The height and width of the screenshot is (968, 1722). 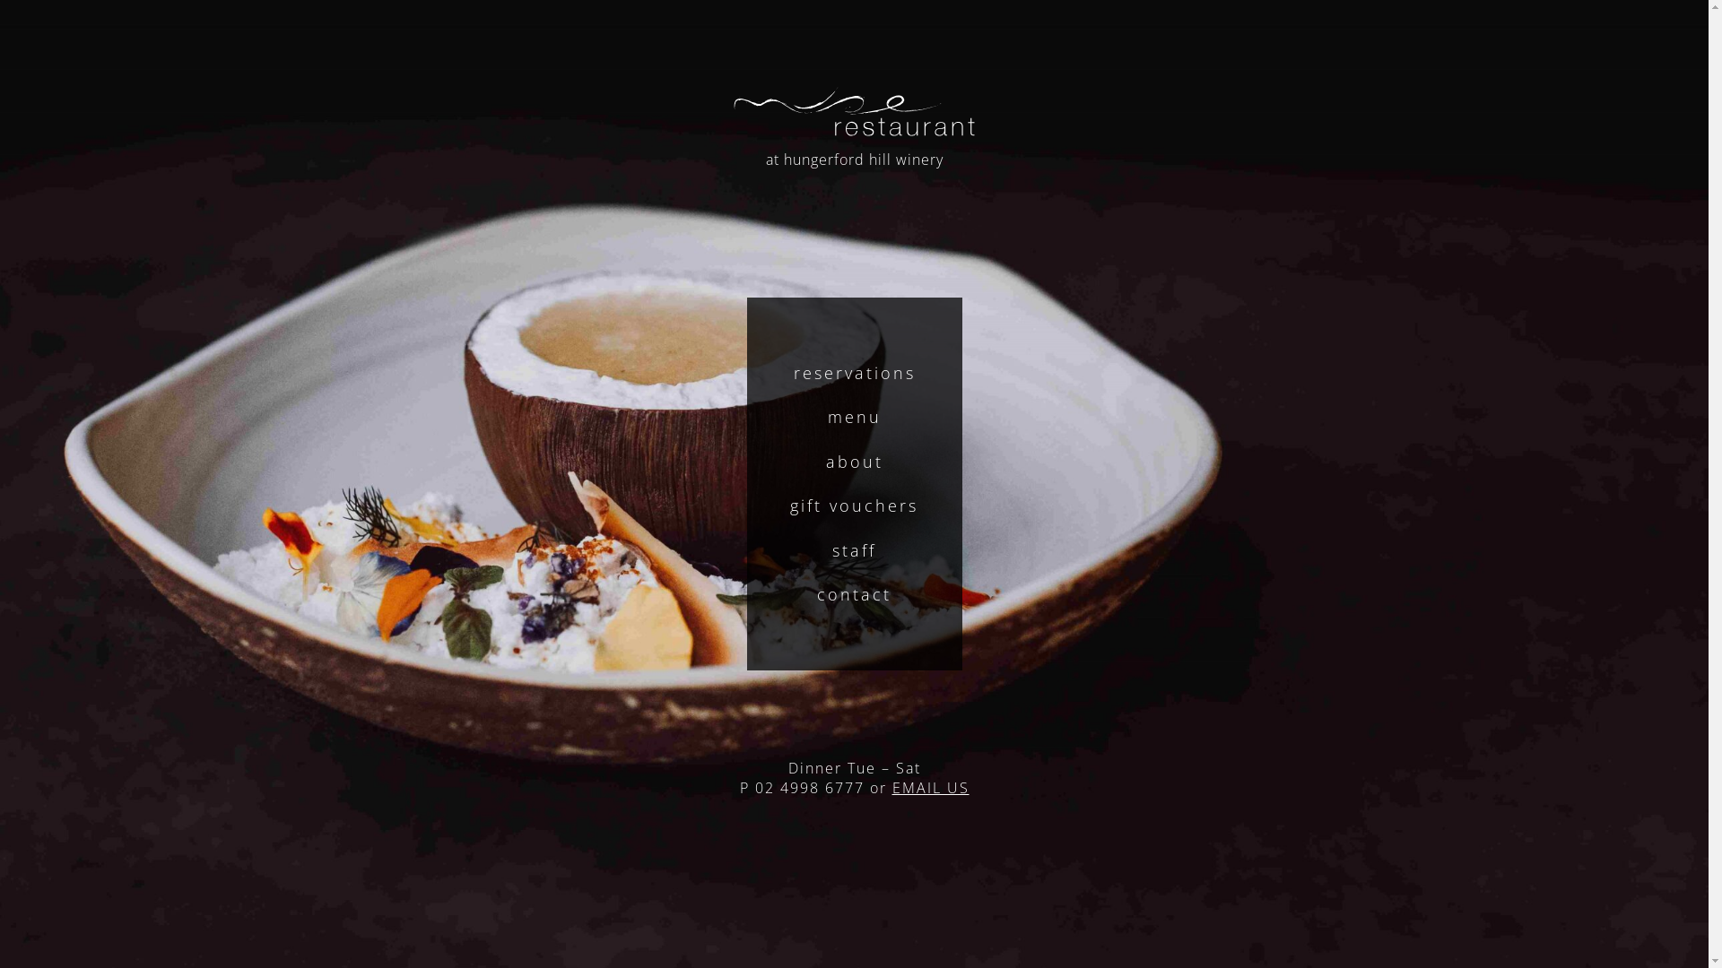 What do you see at coordinates (852, 372) in the screenshot?
I see `'reservations'` at bounding box center [852, 372].